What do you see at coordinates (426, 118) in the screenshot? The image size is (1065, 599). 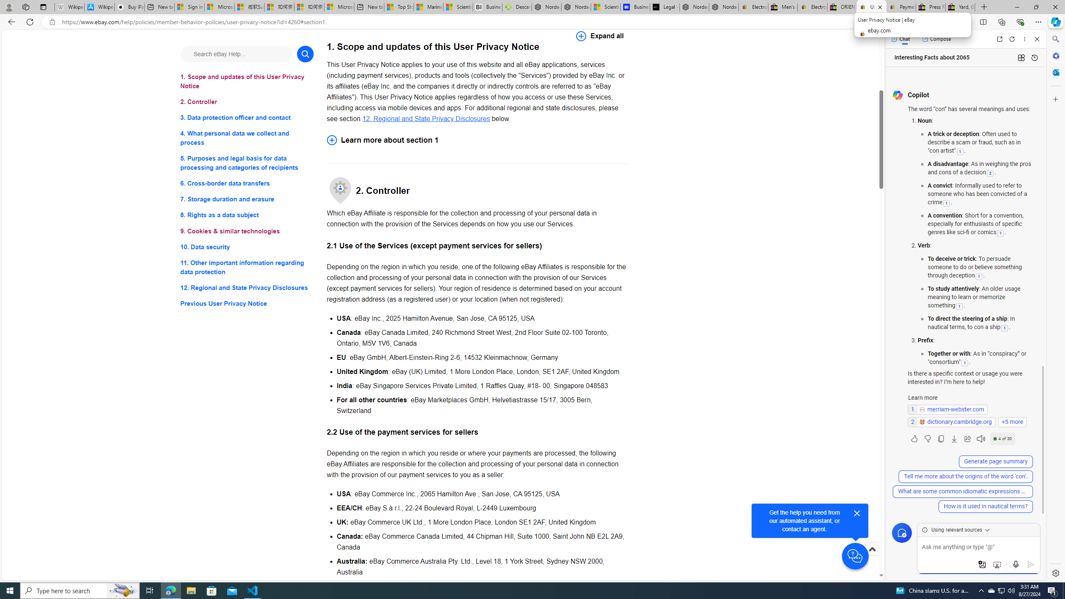 I see `'12. Regional and State Privacy Disclosures'` at bounding box center [426, 118].